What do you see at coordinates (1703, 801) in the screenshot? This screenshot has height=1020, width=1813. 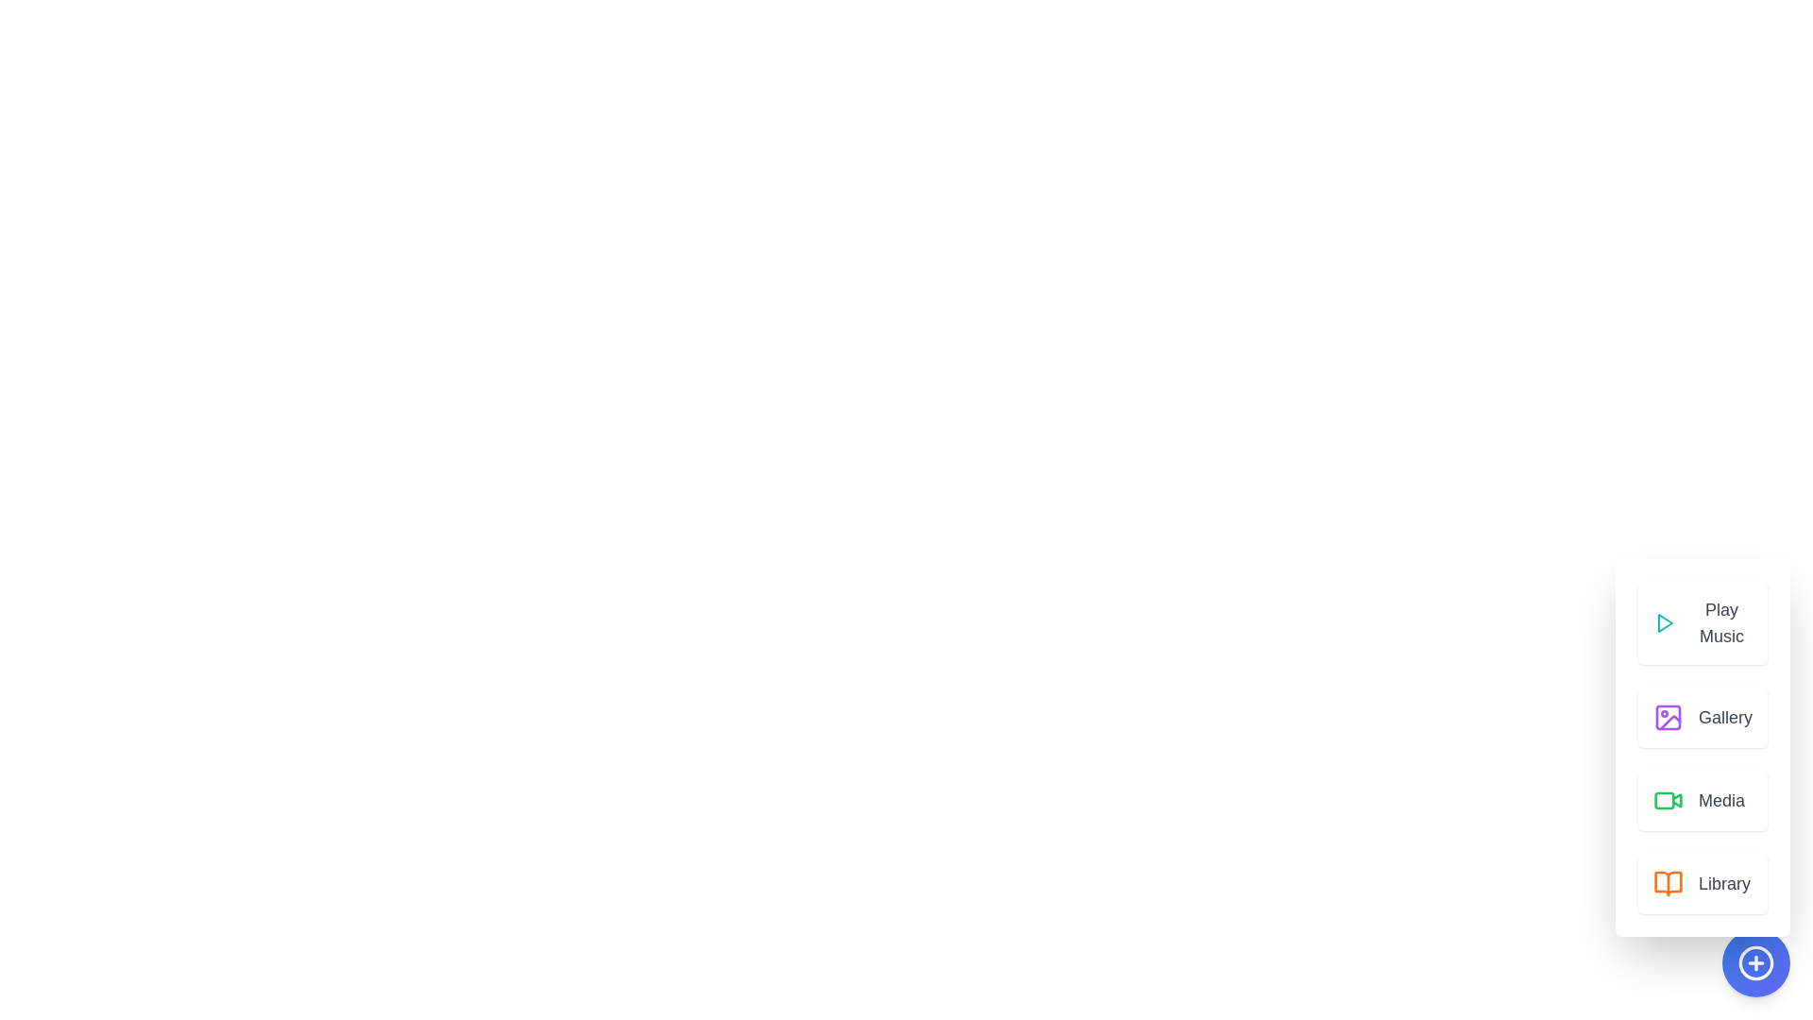 I see `the Media button to access the respective media content` at bounding box center [1703, 801].